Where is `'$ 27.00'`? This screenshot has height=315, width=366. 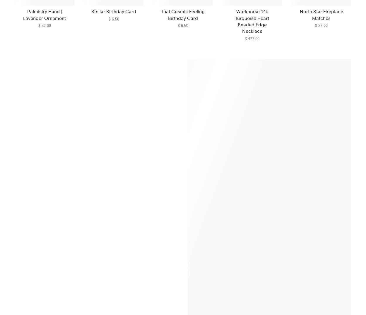 '$ 27.00' is located at coordinates (315, 25).